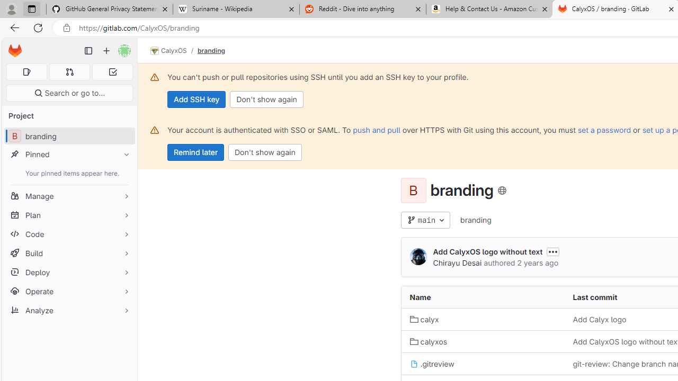 The image size is (678, 381). Describe the element at coordinates (88, 51) in the screenshot. I see `'Primary navigation sidebar'` at that location.